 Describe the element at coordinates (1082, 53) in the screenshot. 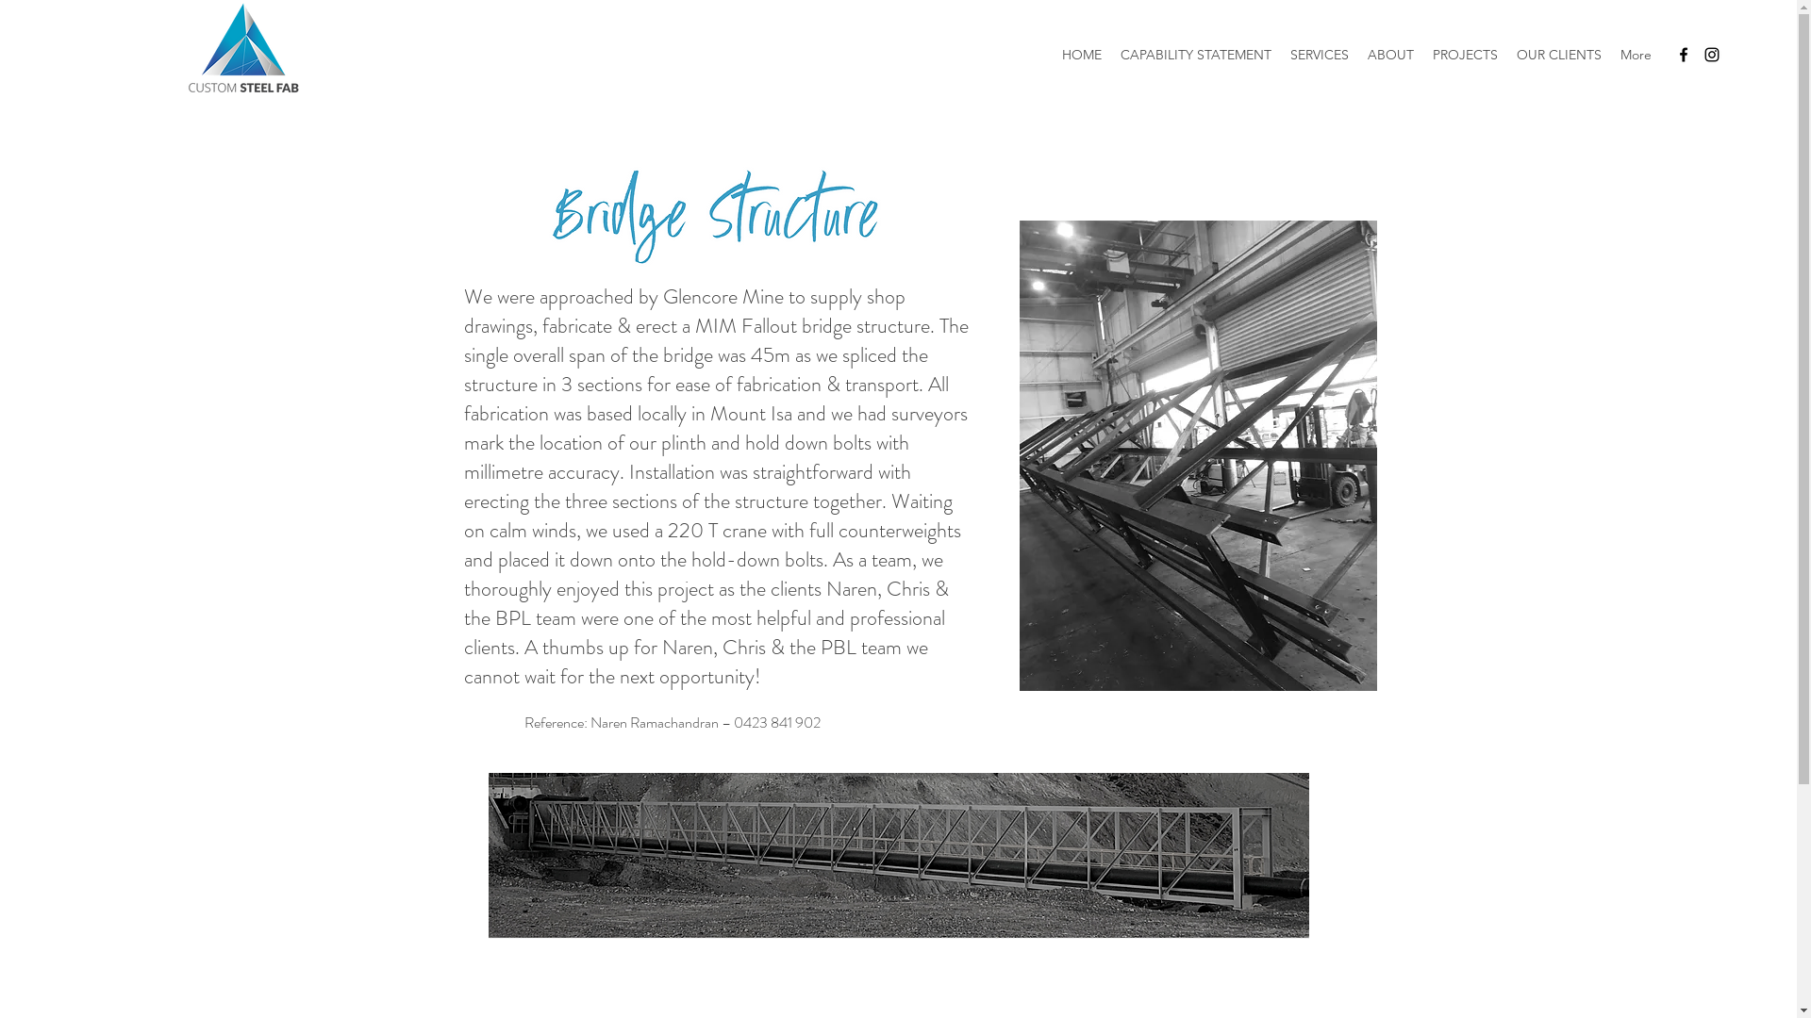

I see `'HOME'` at that location.